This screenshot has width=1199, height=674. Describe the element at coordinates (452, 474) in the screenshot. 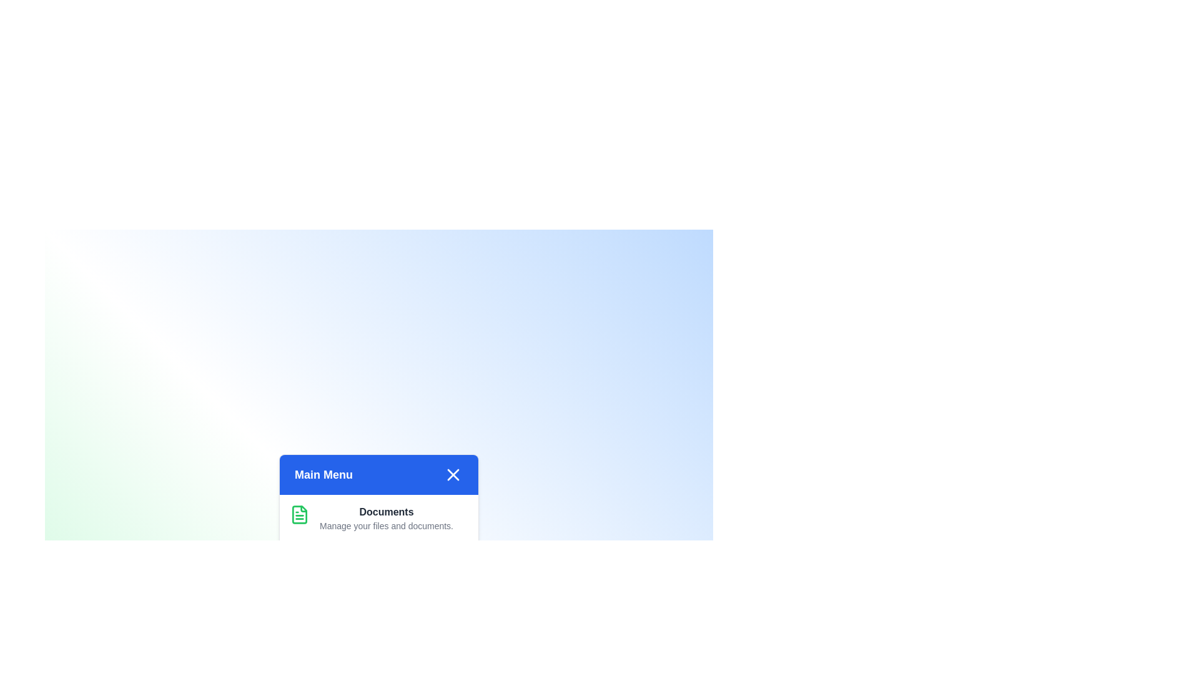

I see `the close button to toggle the menu visibility` at that location.